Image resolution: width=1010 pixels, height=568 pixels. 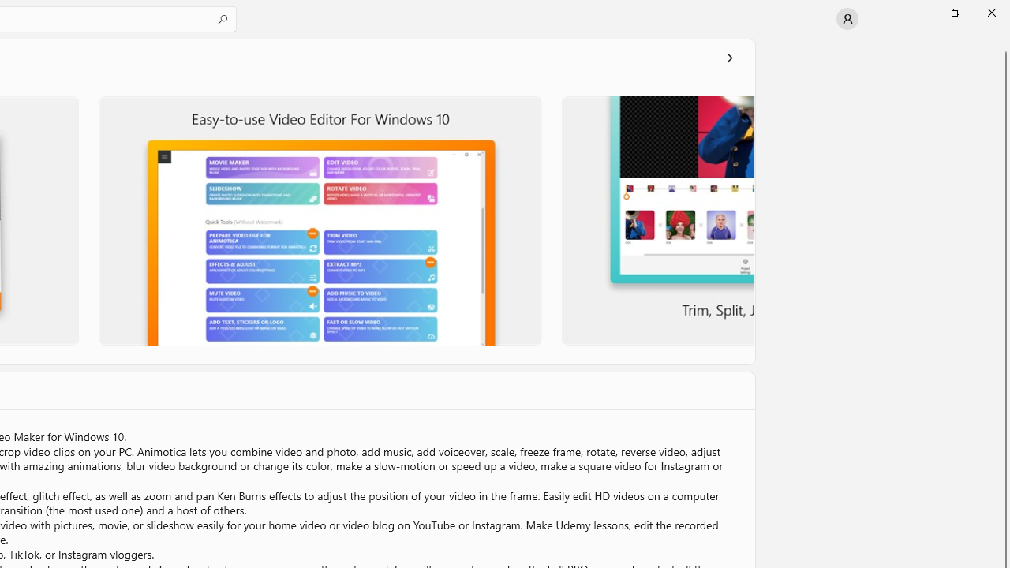 What do you see at coordinates (990, 12) in the screenshot?
I see `'Close Microsoft Store'` at bounding box center [990, 12].